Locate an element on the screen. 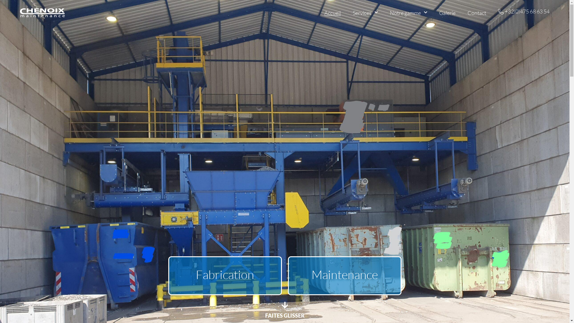  'Accueil' is located at coordinates (332, 13).